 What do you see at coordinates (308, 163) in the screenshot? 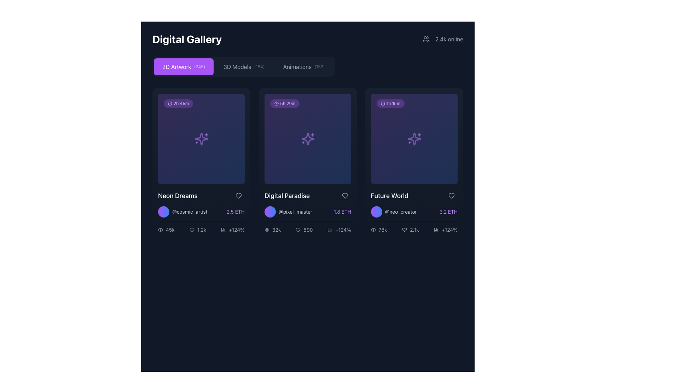
I see `the second card in the grid layout` at bounding box center [308, 163].